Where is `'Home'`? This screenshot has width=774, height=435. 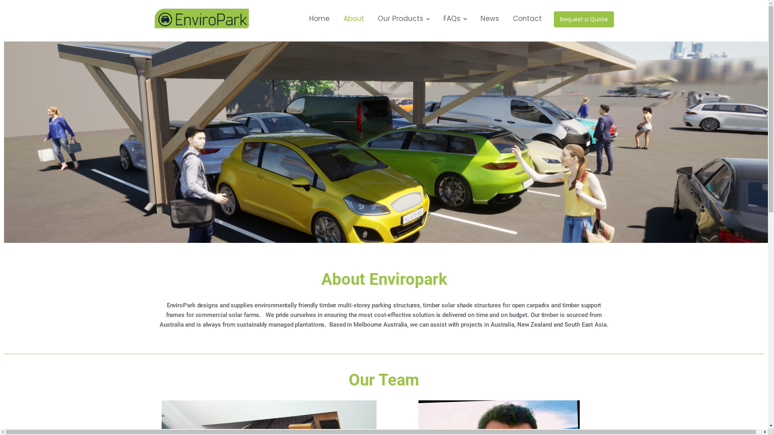
'Home' is located at coordinates (319, 18).